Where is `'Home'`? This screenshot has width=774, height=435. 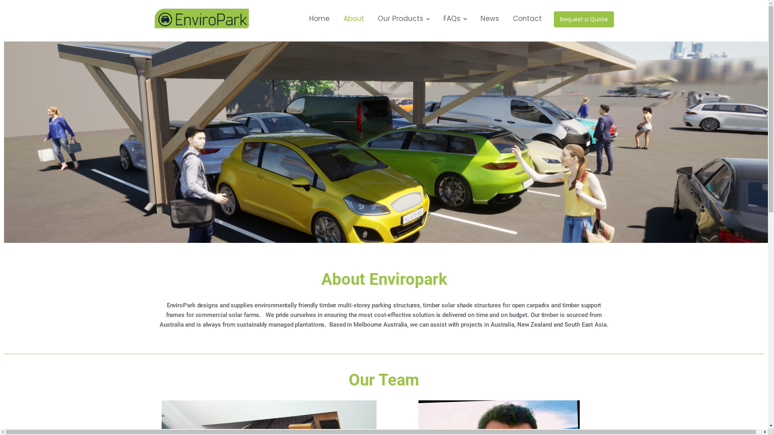
'Home' is located at coordinates (319, 18).